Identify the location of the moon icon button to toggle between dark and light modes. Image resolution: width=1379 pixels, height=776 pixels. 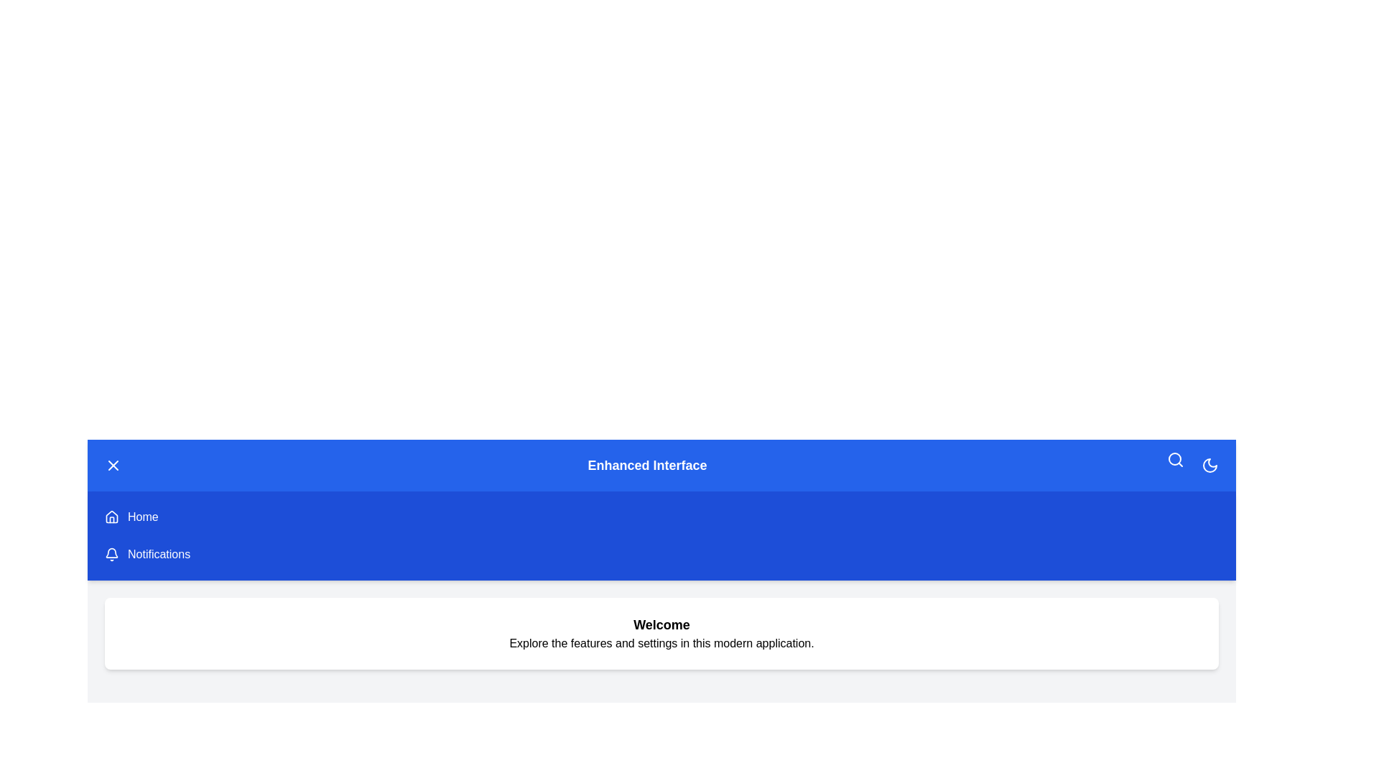
(1209, 466).